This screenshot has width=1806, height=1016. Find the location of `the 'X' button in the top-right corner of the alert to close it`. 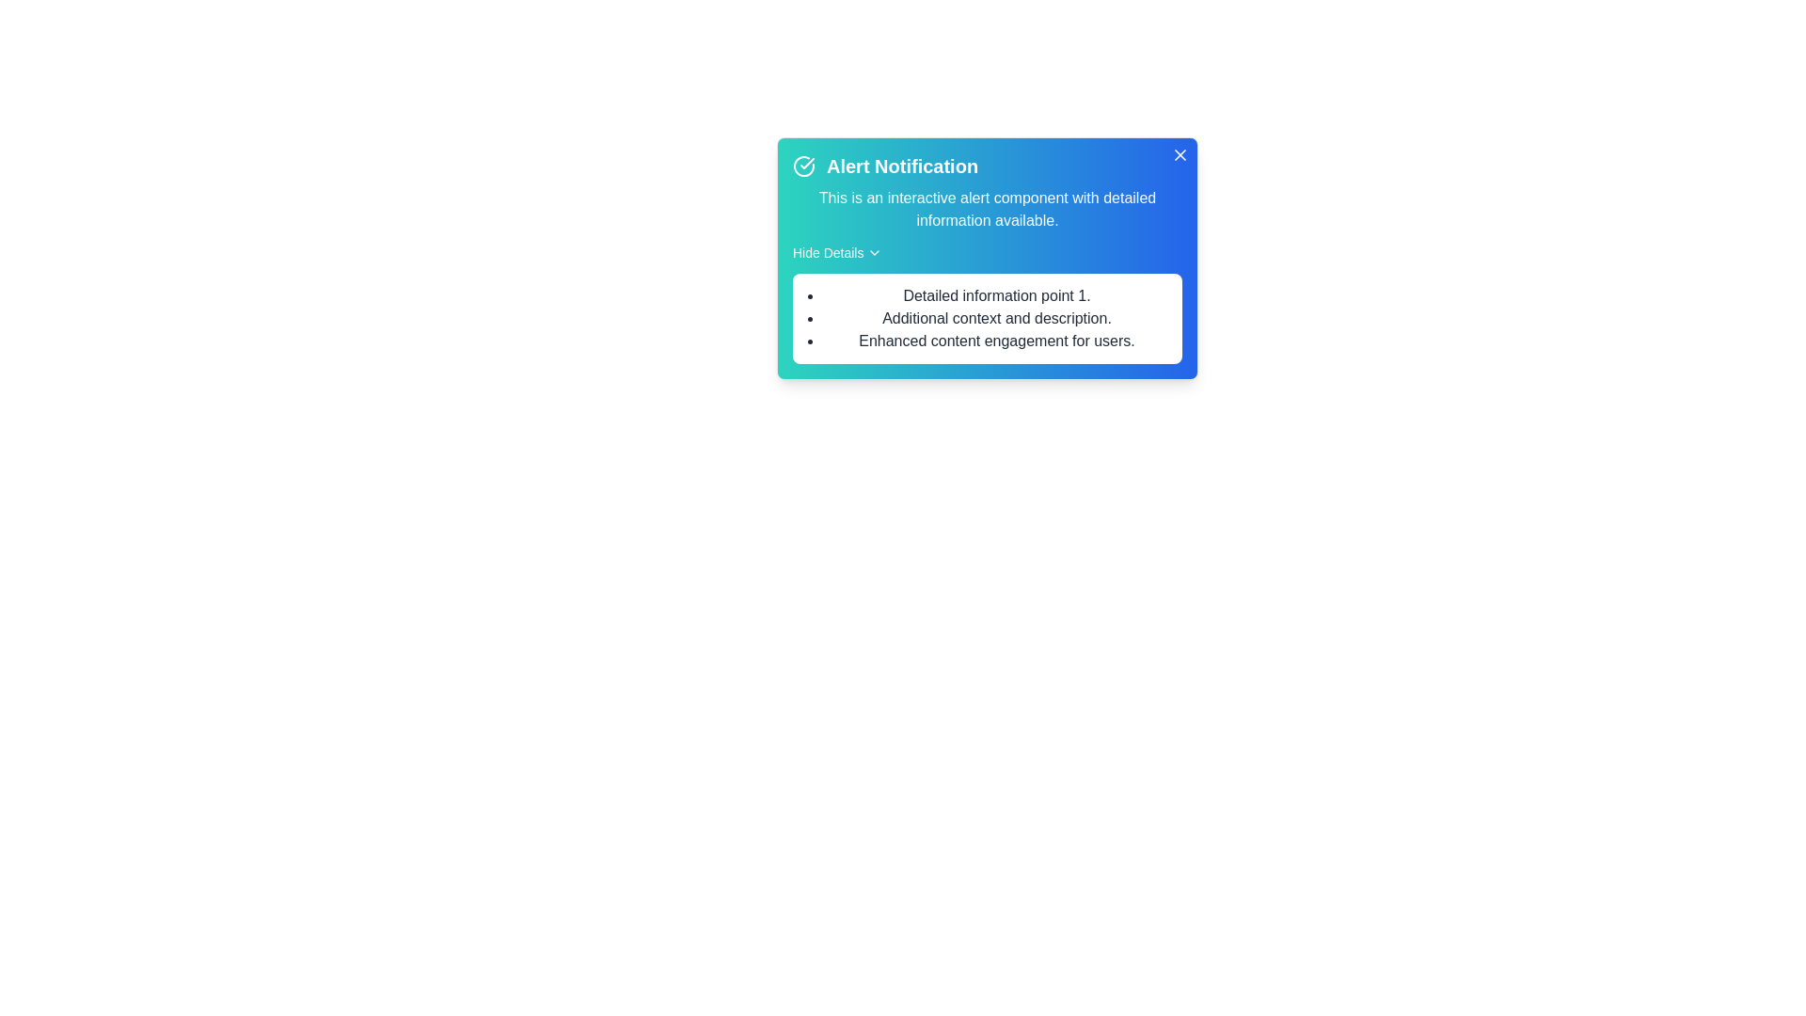

the 'X' button in the top-right corner of the alert to close it is located at coordinates (1179, 154).